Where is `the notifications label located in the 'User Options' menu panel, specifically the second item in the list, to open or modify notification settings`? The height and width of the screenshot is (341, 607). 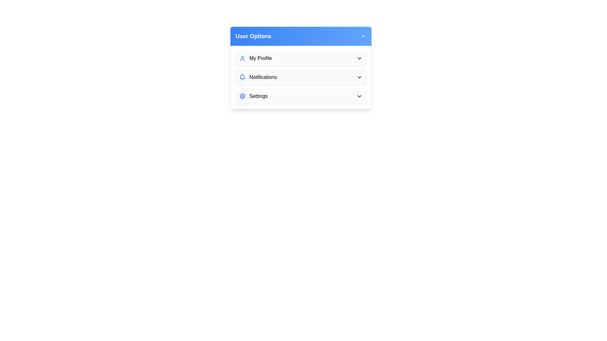 the notifications label located in the 'User Options' menu panel, specifically the second item in the list, to open or modify notification settings is located at coordinates (263, 77).